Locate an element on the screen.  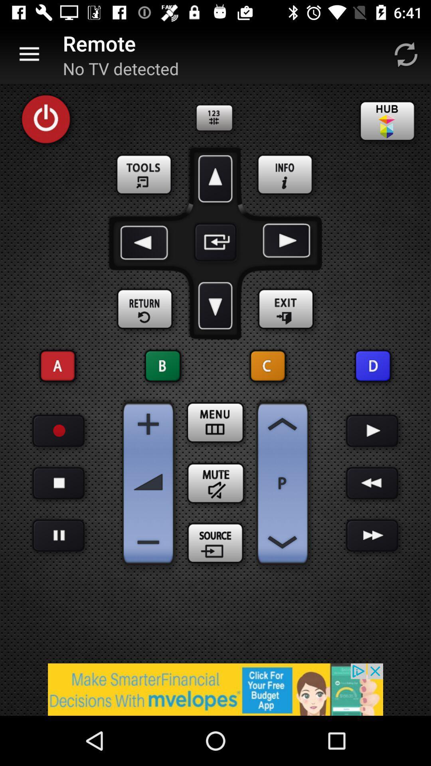
next is located at coordinates (372, 483).